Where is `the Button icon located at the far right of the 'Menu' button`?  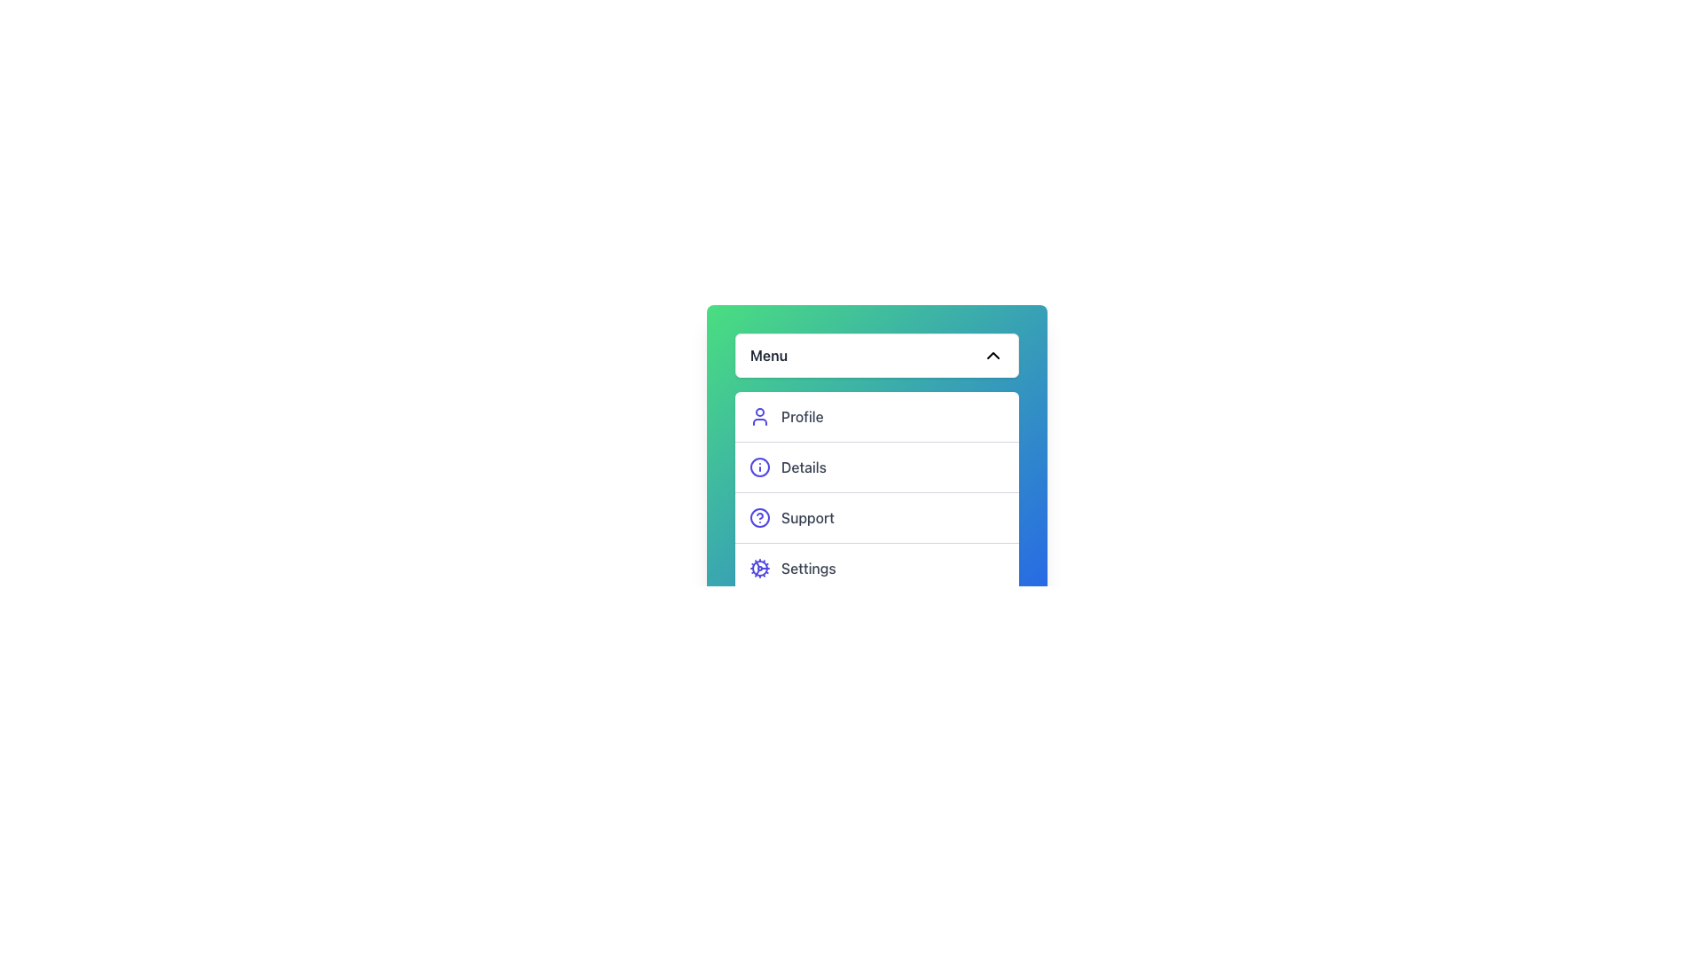
the Button icon located at the far right of the 'Menu' button is located at coordinates (992, 356).